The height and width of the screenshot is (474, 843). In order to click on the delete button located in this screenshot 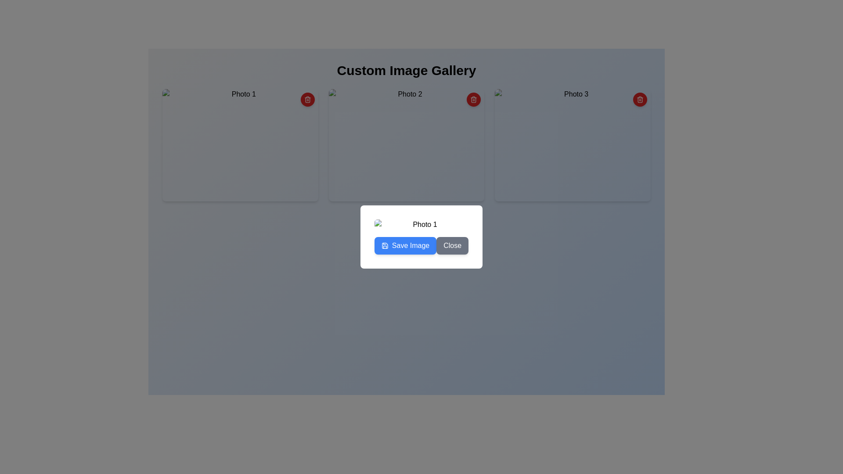, I will do `click(640, 99)`.